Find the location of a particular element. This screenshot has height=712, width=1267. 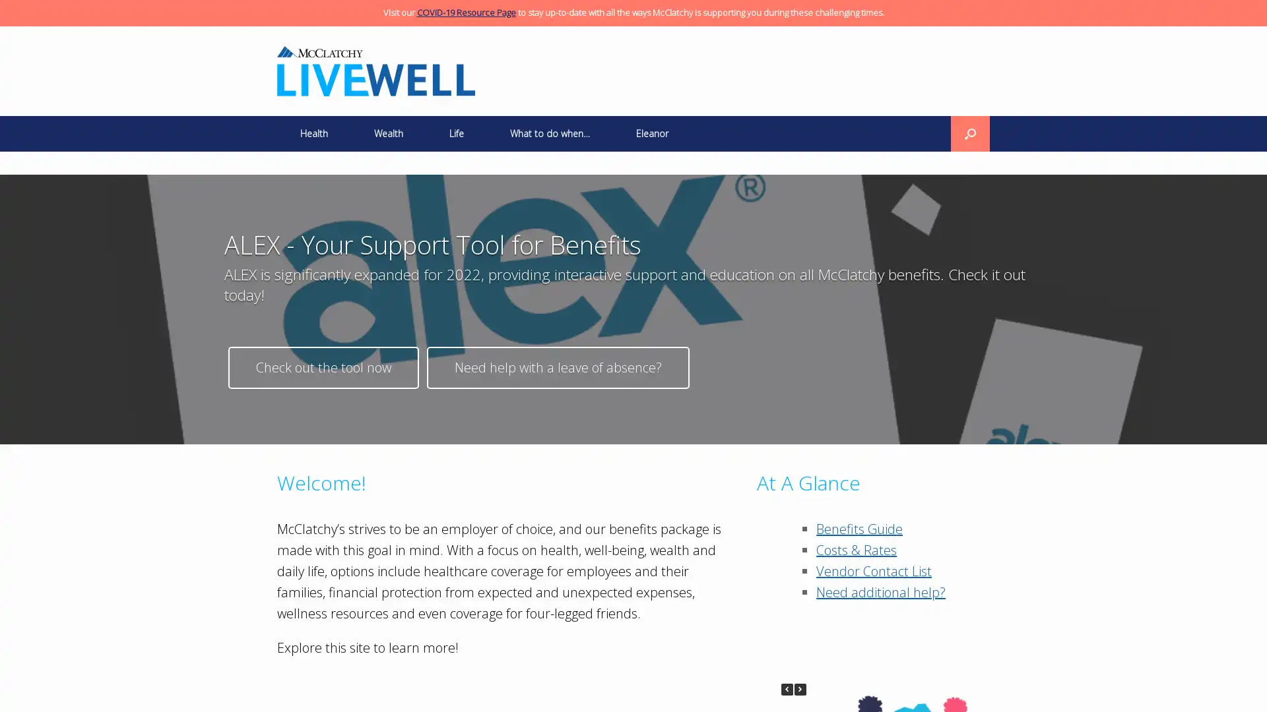

Previous Posts is located at coordinates (786, 688).